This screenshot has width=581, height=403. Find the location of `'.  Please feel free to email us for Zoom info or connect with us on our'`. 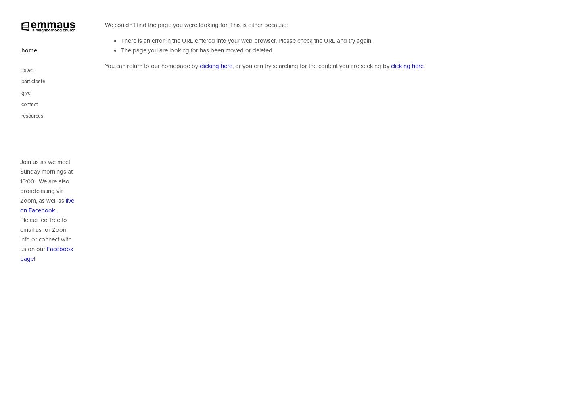

'.  Please feel free to email us for Zoom info or connect with us on our' is located at coordinates (19, 229).